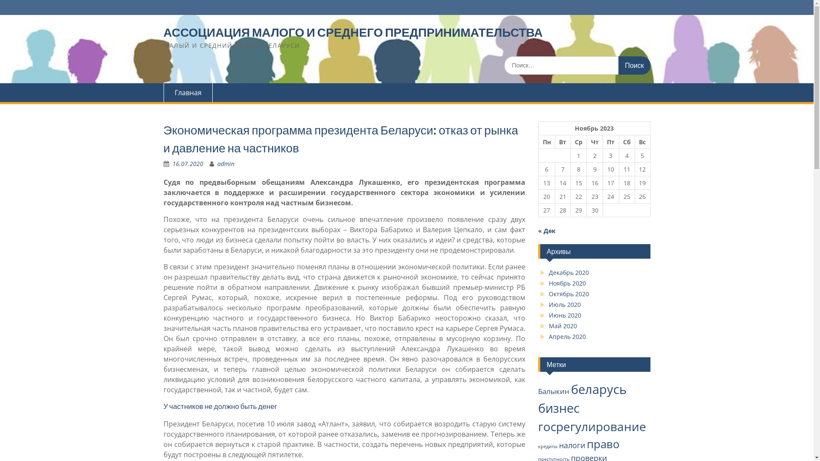  What do you see at coordinates (187, 163) in the screenshot?
I see `'16.07.2020'` at bounding box center [187, 163].